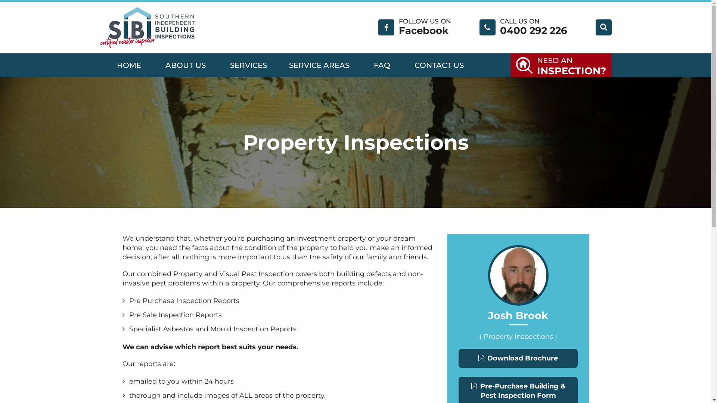 The height and width of the screenshot is (403, 717). I want to click on 'FAQ', so click(382, 65).